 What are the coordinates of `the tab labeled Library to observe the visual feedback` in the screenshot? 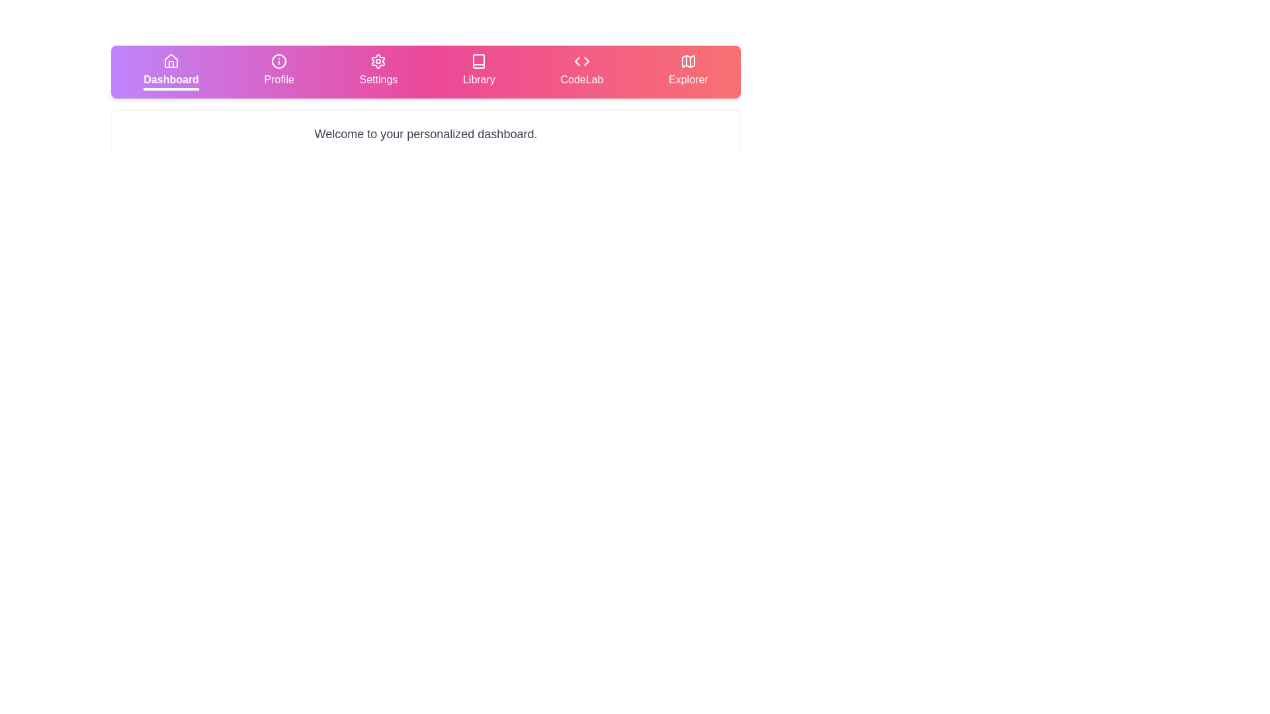 It's located at (478, 71).